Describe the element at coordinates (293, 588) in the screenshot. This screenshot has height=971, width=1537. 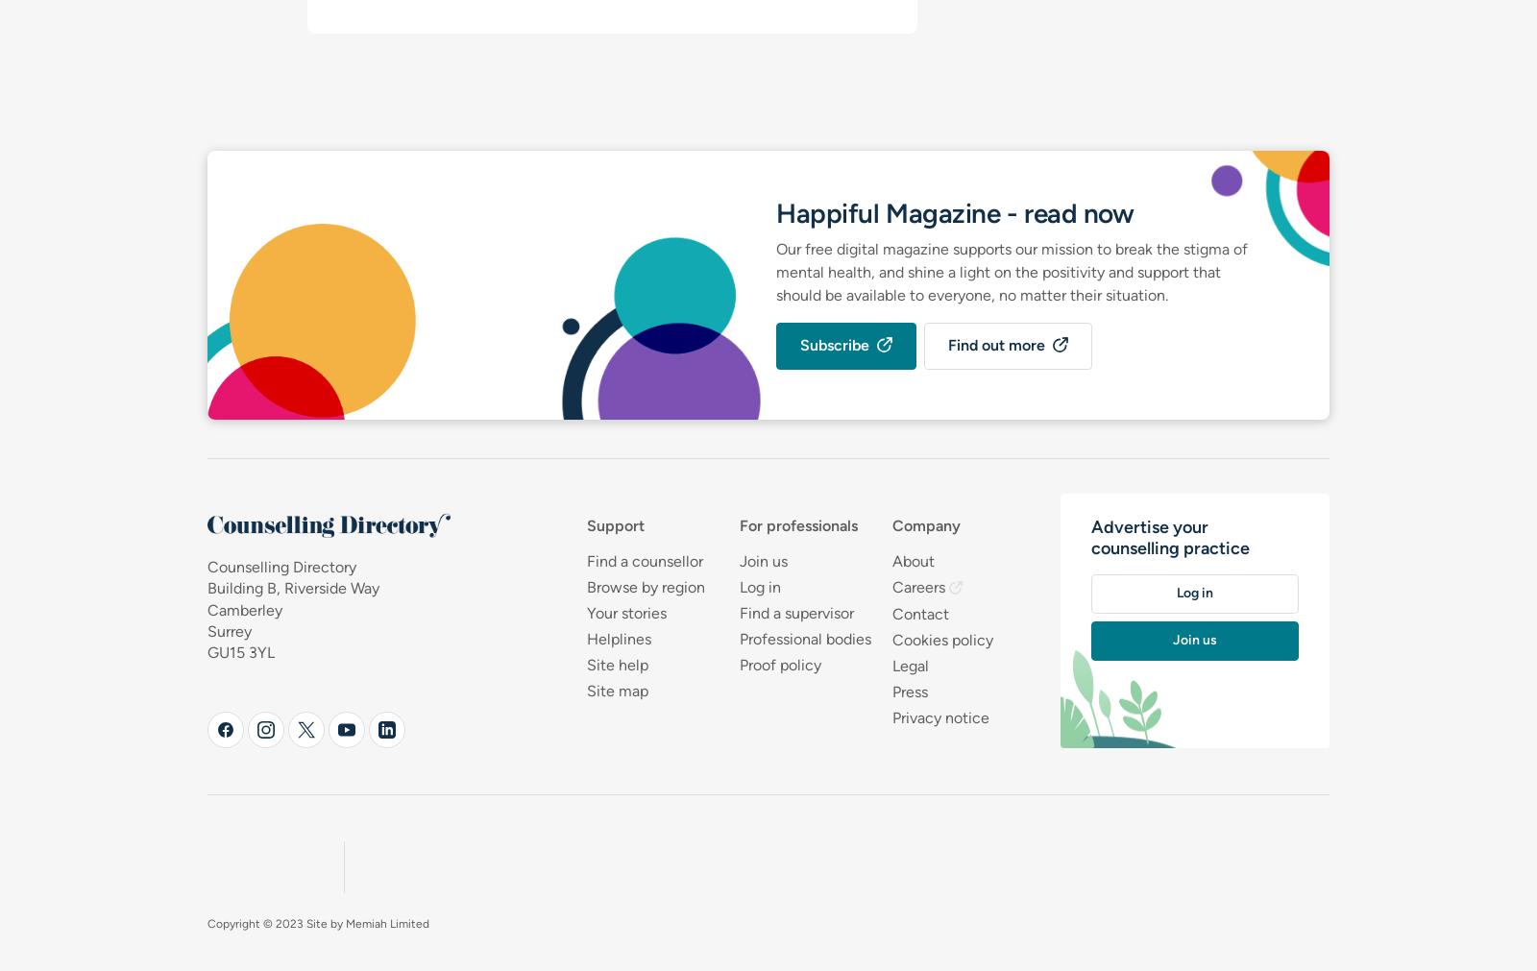
I see `'Building B, Riverside Way'` at that location.